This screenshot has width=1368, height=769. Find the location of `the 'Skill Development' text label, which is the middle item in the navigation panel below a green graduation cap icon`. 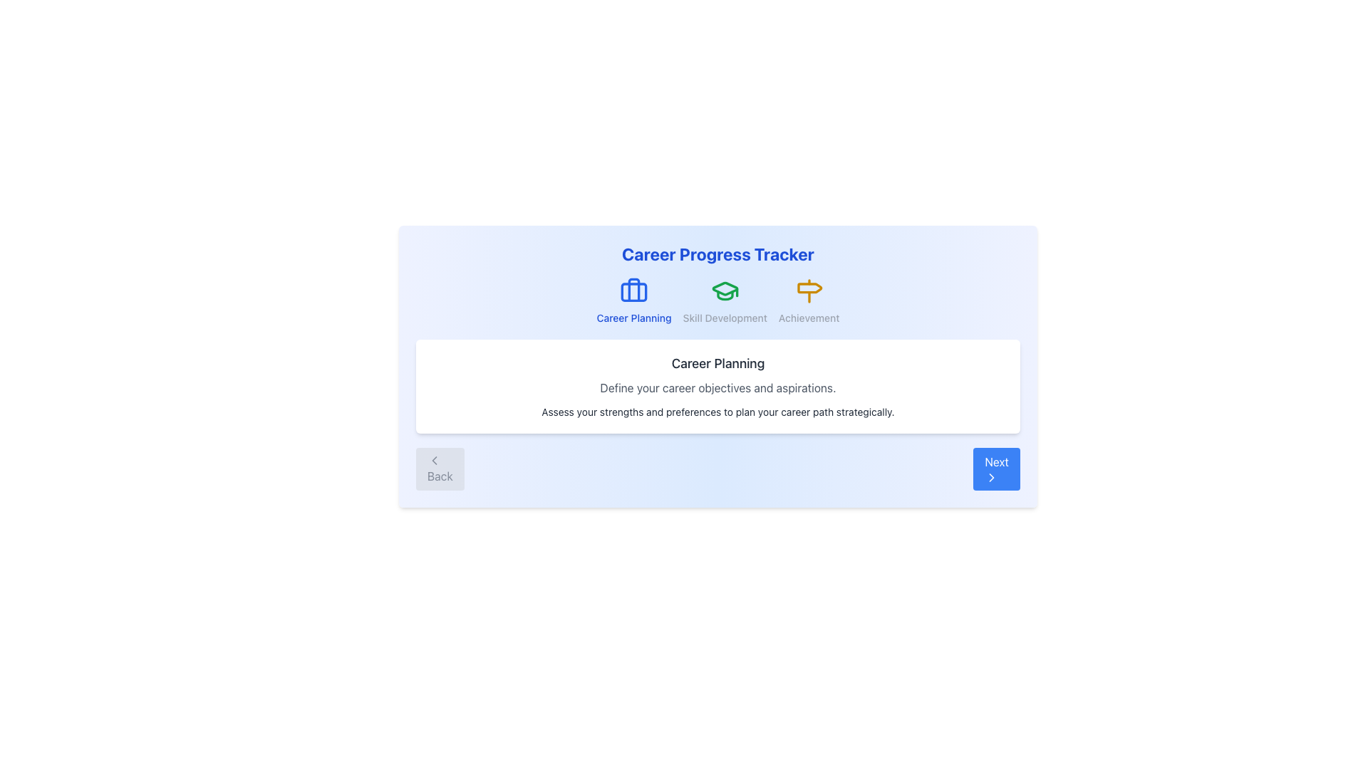

the 'Skill Development' text label, which is the middle item in the navigation panel below a green graduation cap icon is located at coordinates (725, 318).